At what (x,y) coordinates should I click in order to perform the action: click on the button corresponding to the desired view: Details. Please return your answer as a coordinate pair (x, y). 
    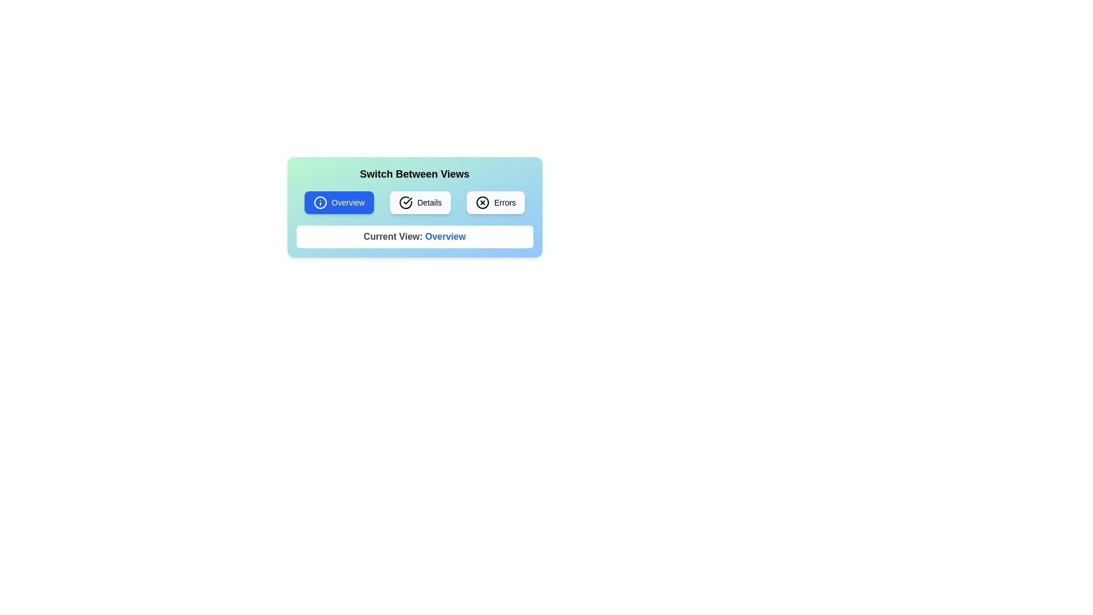
    Looking at the image, I should click on (420, 202).